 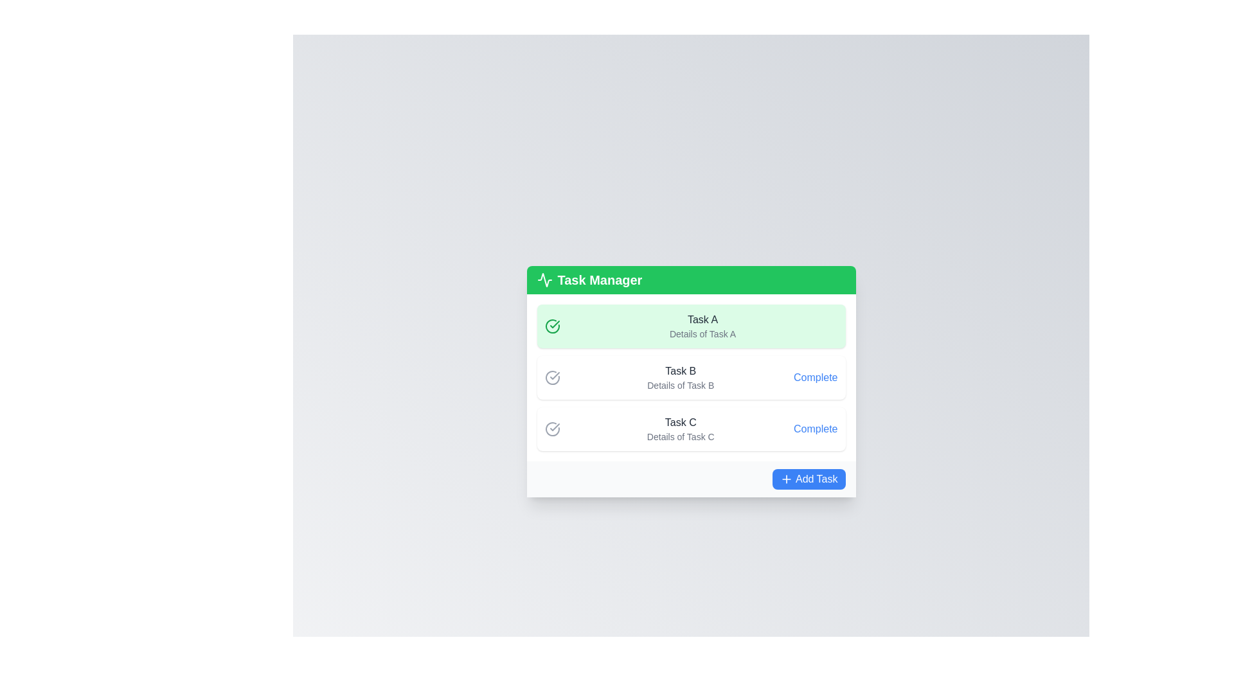 I want to click on details from the text label displaying 'Details of Task C', which is a small, grey-colored font located beneath the 'Task C' text in the task details block, so click(x=680, y=436).